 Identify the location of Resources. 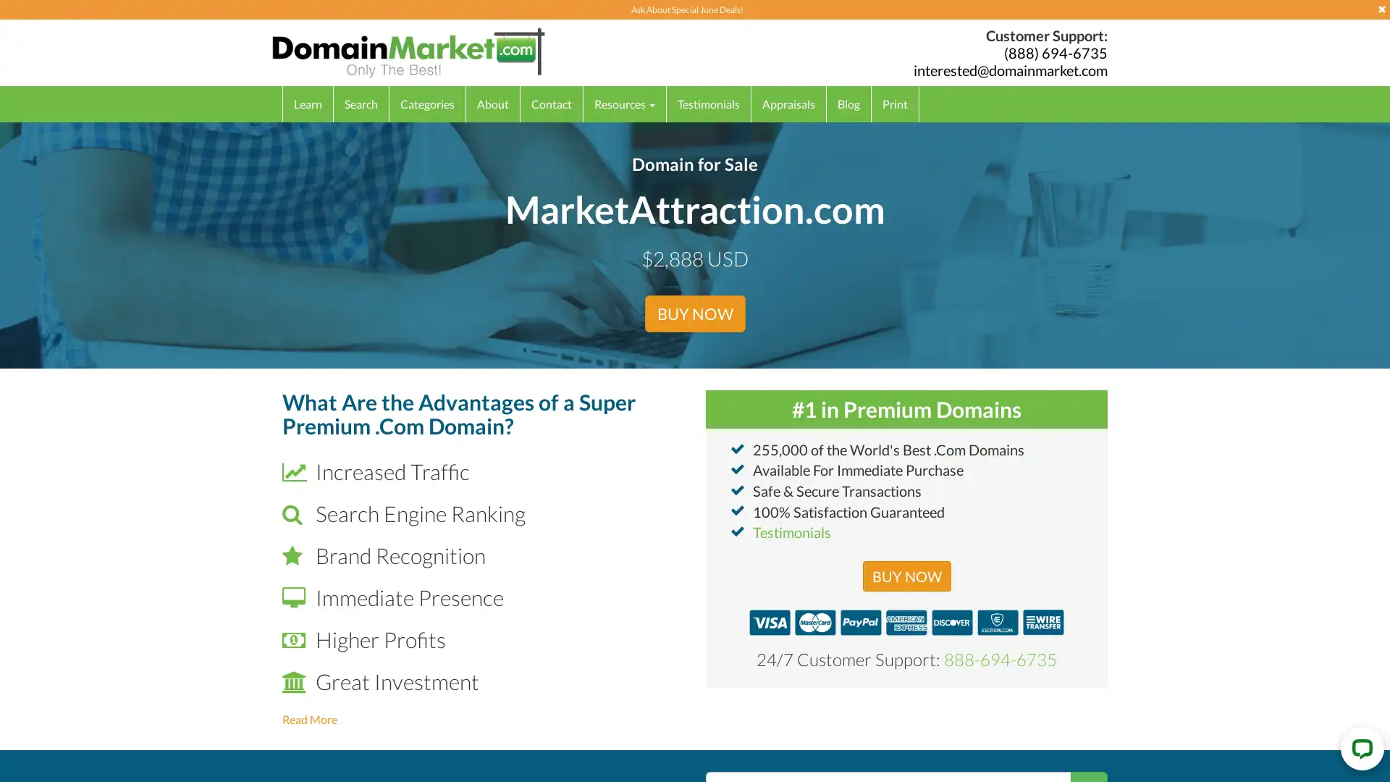
(625, 103).